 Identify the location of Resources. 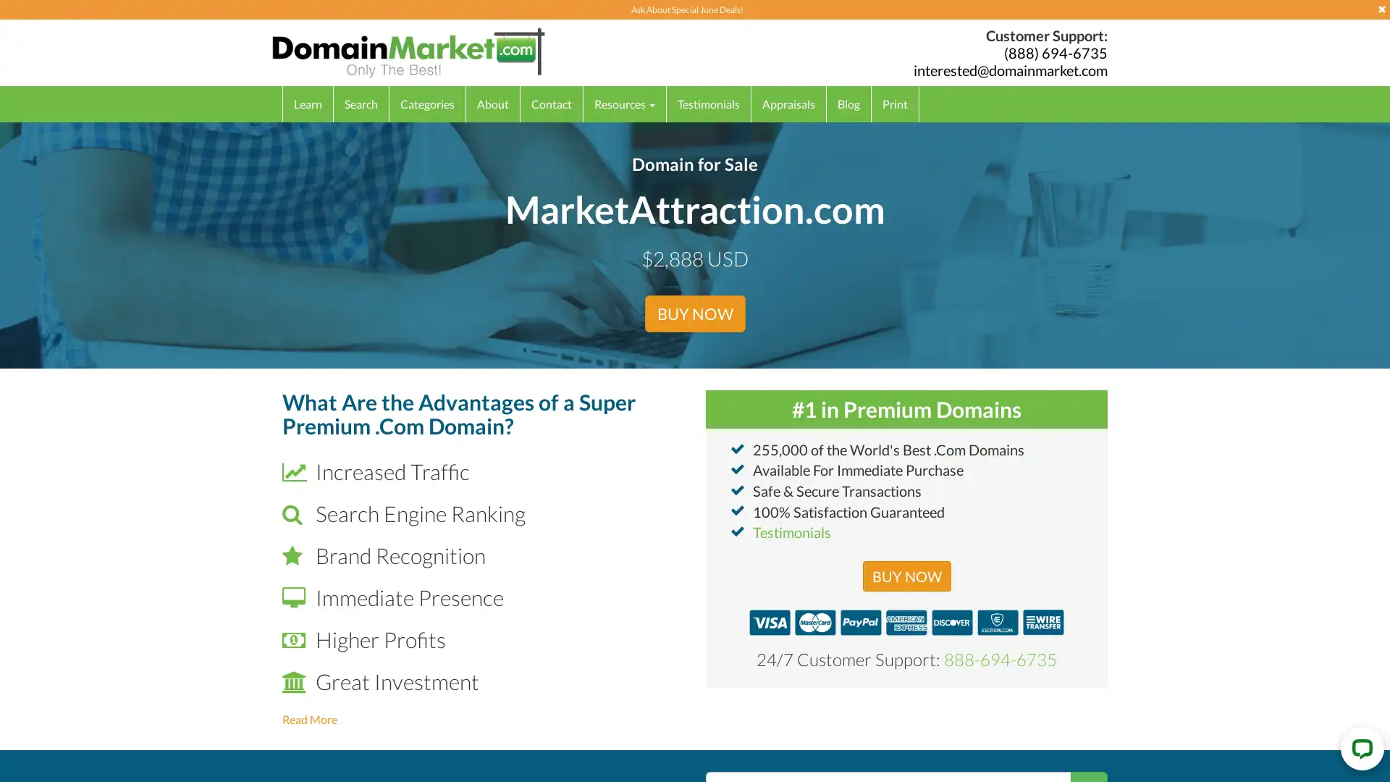
(625, 103).